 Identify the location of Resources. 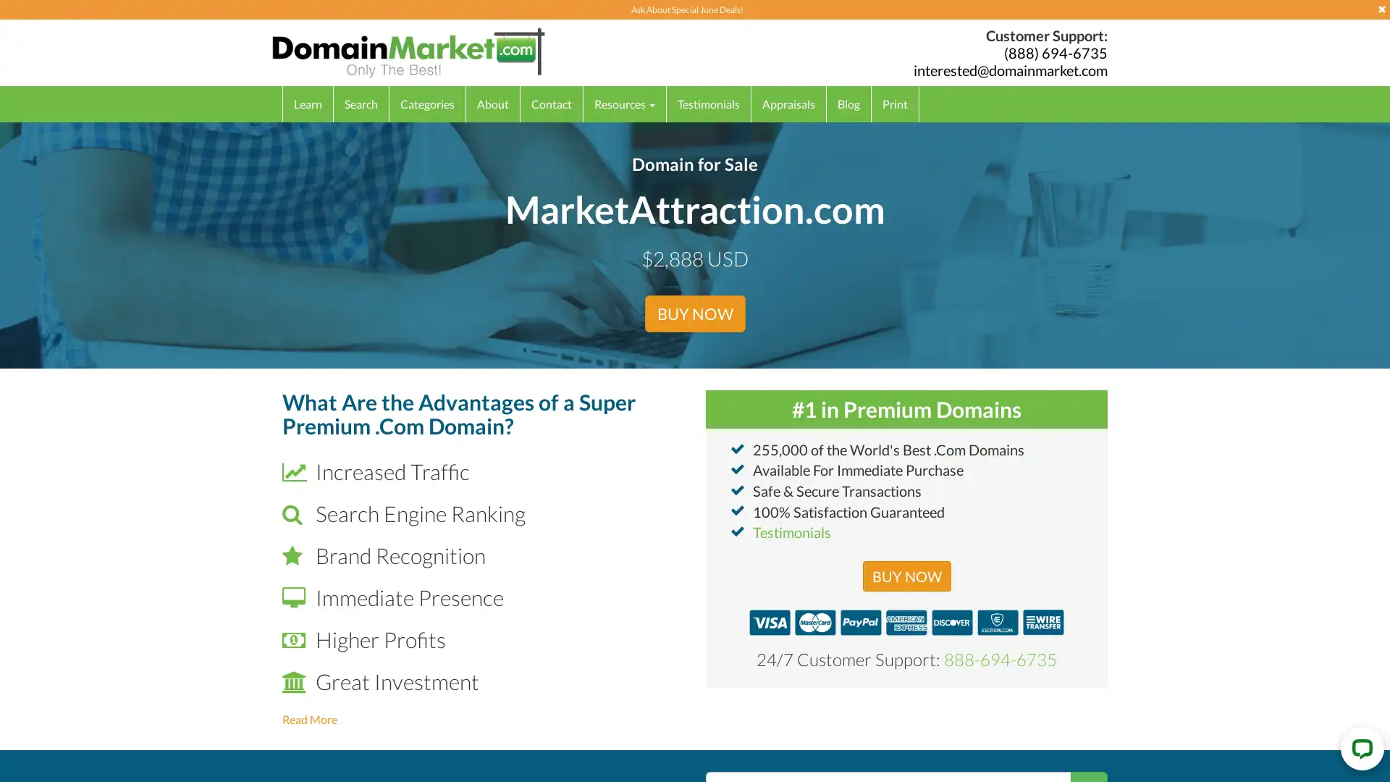
(625, 103).